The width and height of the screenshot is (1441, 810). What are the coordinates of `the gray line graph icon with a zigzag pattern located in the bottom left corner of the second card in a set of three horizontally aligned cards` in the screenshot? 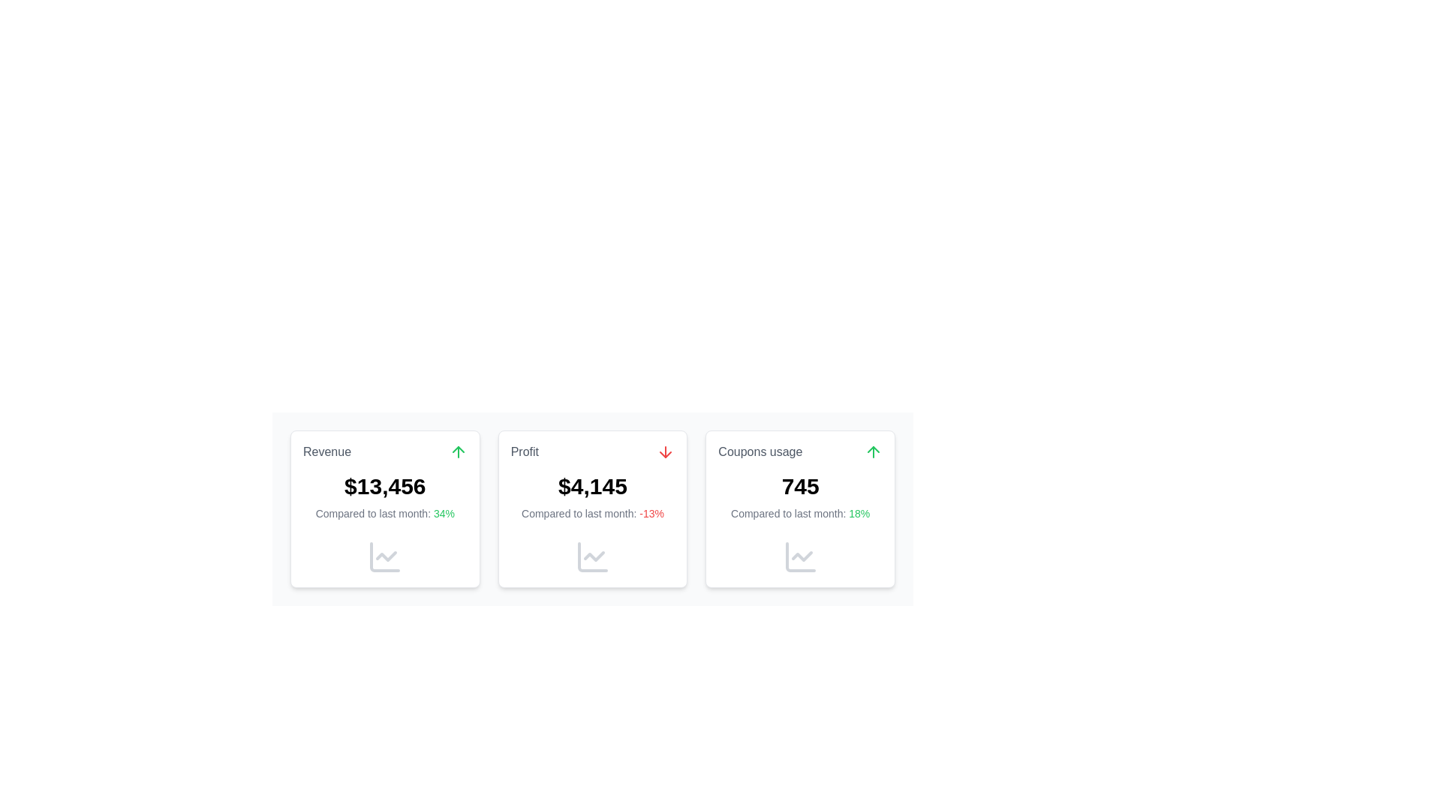 It's located at (591, 557).